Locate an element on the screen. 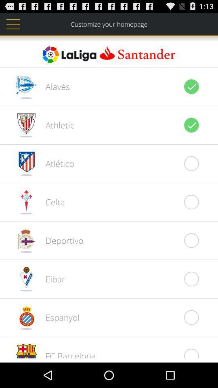  celta icon is located at coordinates (51, 201).